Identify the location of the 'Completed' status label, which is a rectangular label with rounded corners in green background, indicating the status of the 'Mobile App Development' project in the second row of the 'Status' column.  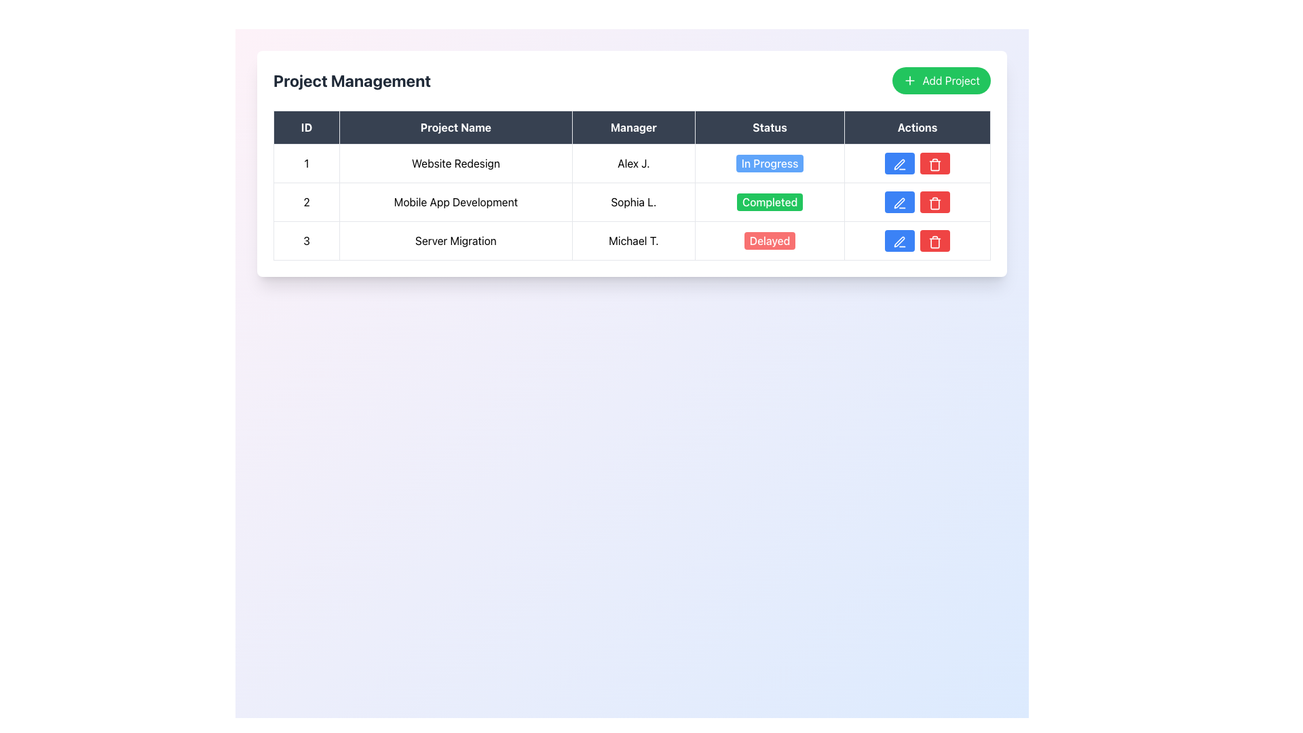
(770, 202).